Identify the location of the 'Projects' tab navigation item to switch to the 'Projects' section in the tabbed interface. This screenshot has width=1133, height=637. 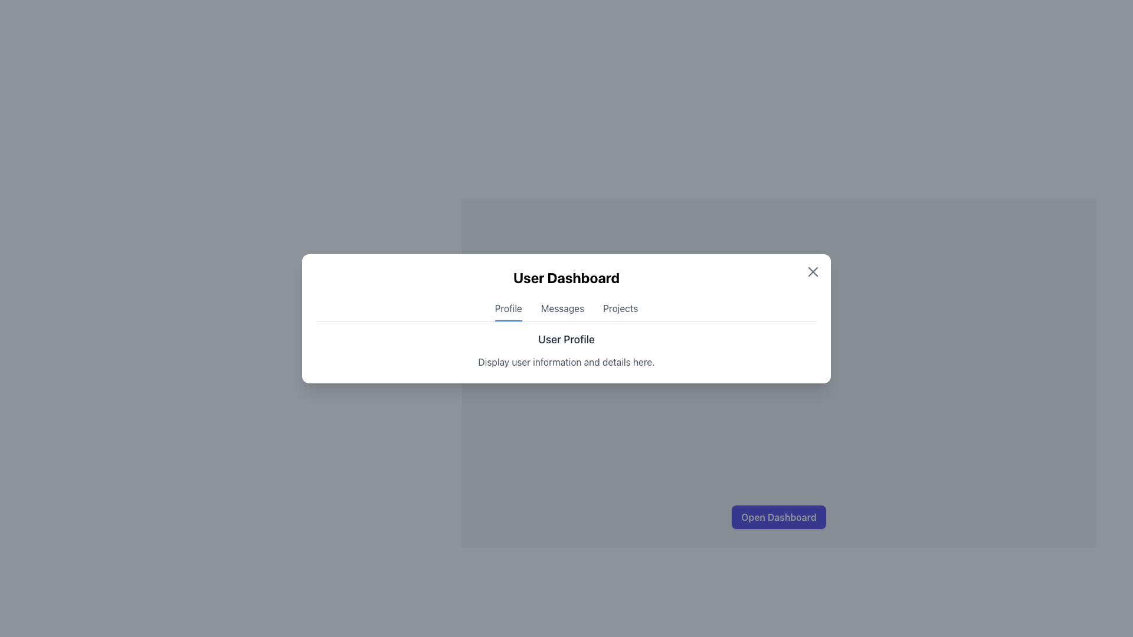
(620, 310).